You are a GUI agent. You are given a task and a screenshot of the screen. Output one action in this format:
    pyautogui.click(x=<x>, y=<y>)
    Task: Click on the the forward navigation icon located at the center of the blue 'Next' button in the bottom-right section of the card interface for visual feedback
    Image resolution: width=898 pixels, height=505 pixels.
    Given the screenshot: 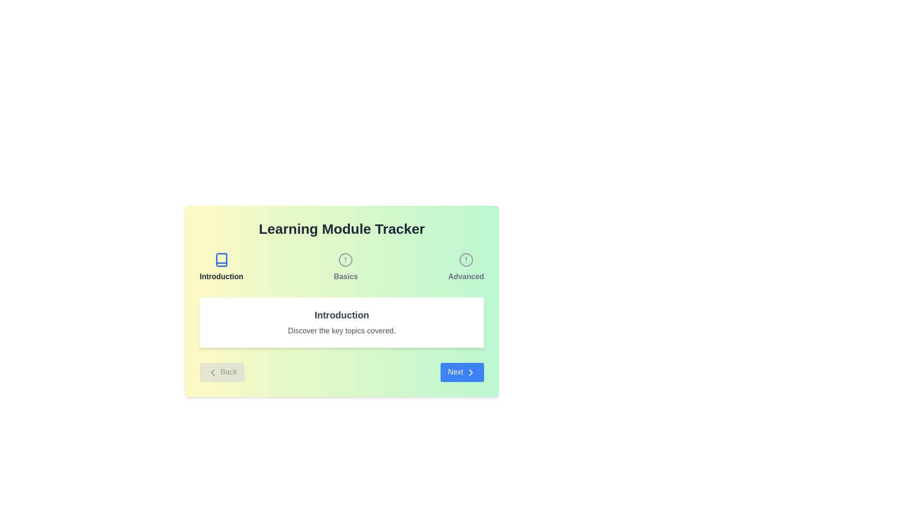 What is the action you would take?
    pyautogui.click(x=471, y=371)
    